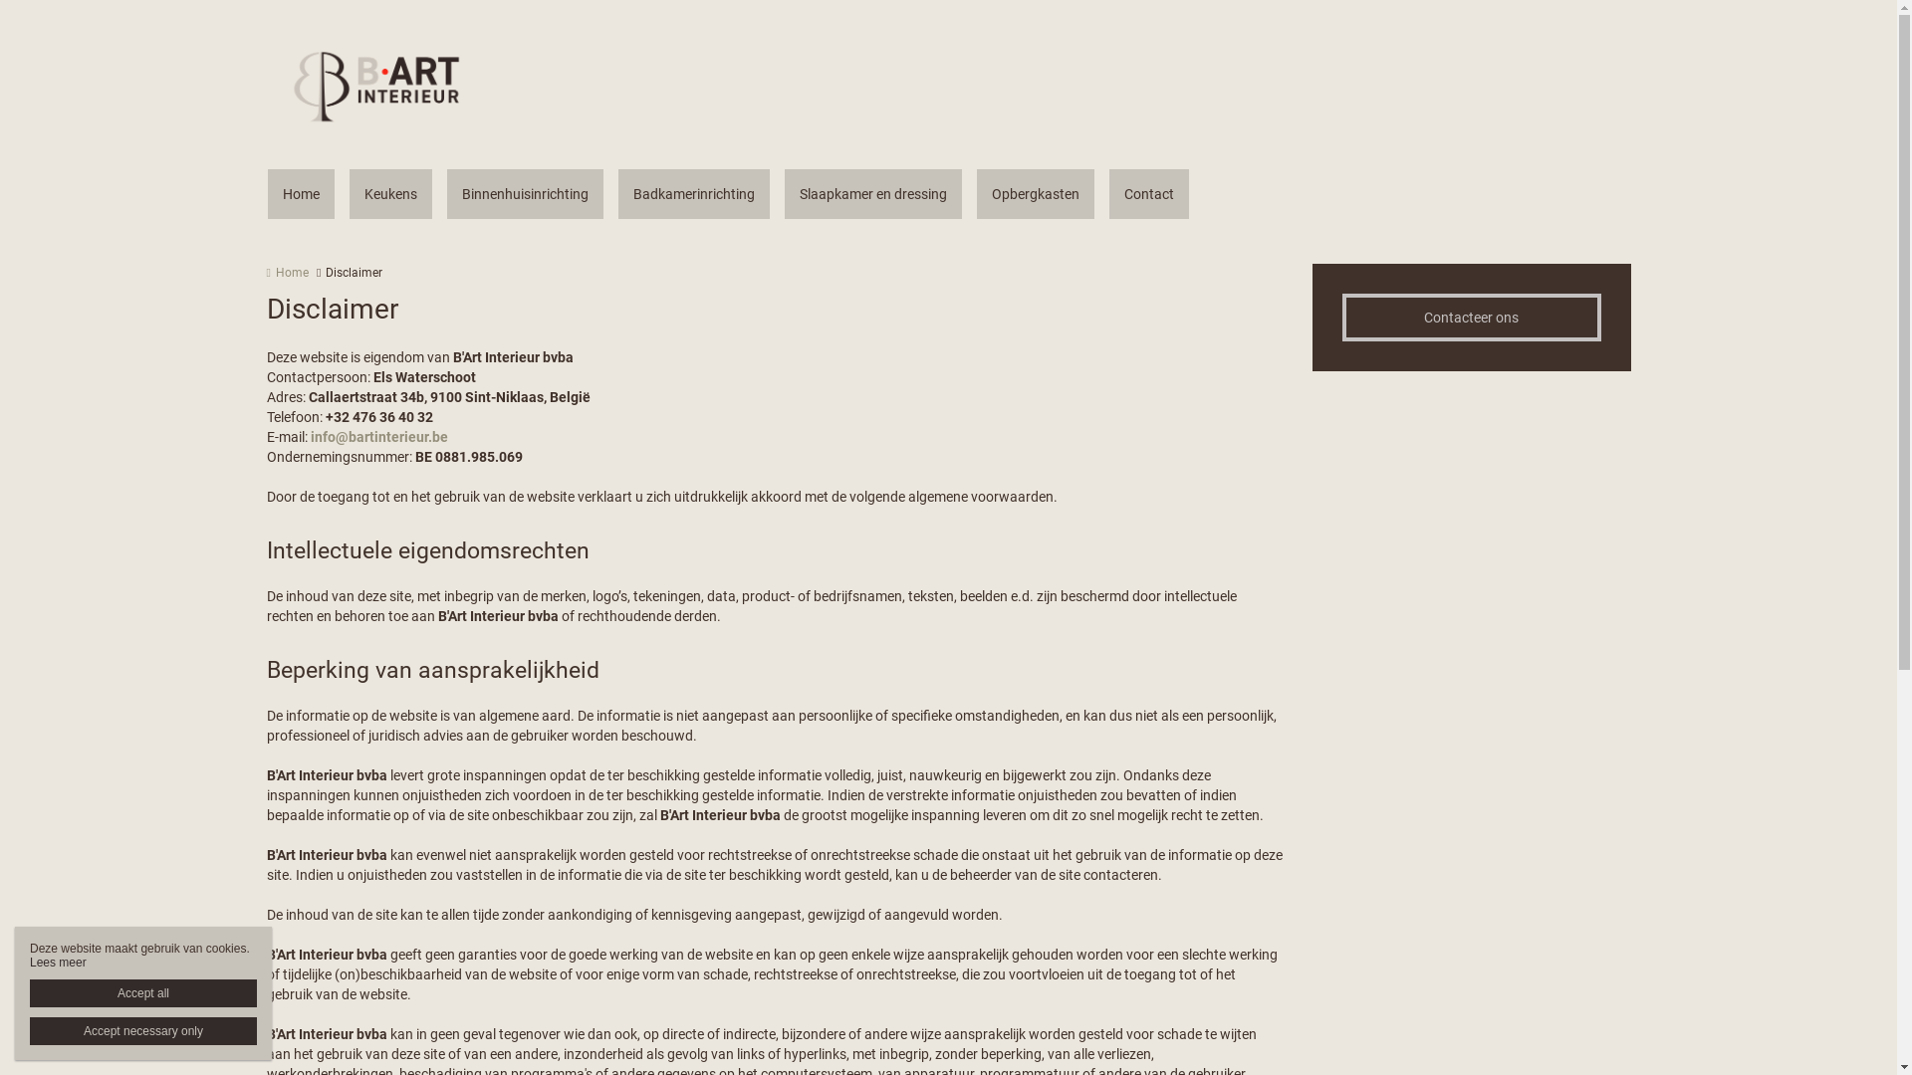  Describe the element at coordinates (405, 83) in the screenshot. I see `'Home | Bart Interieur'` at that location.